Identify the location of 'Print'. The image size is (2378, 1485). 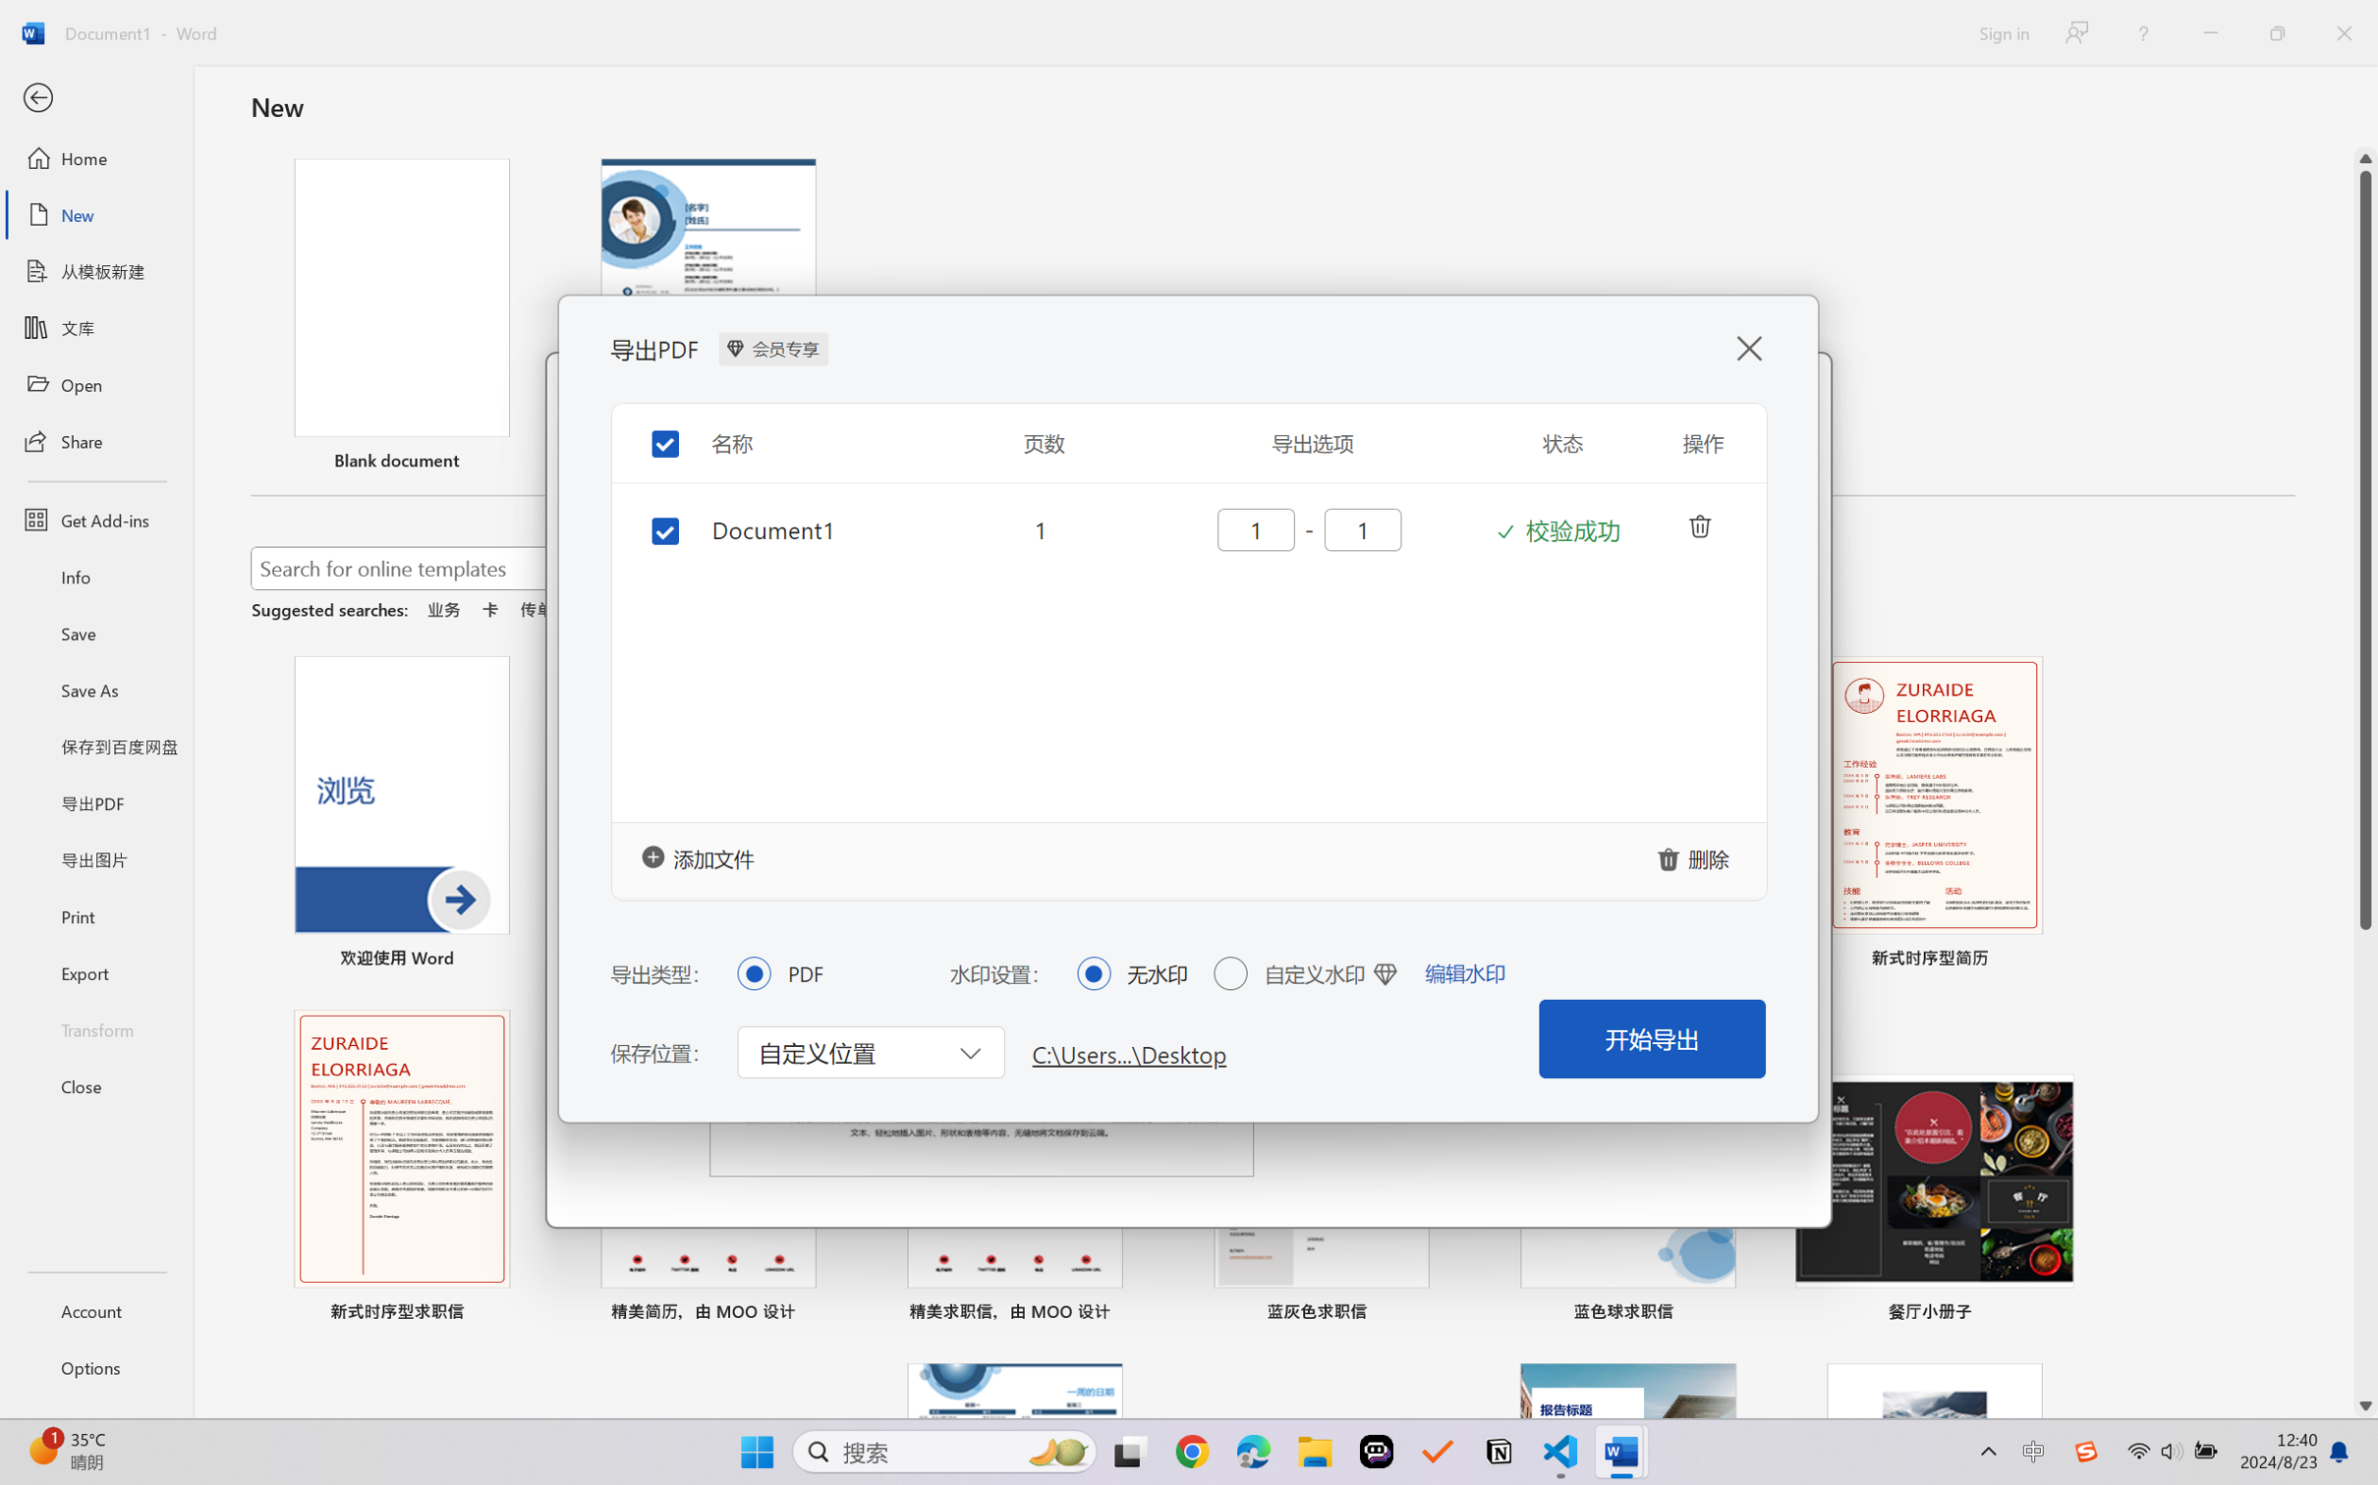
(95, 916).